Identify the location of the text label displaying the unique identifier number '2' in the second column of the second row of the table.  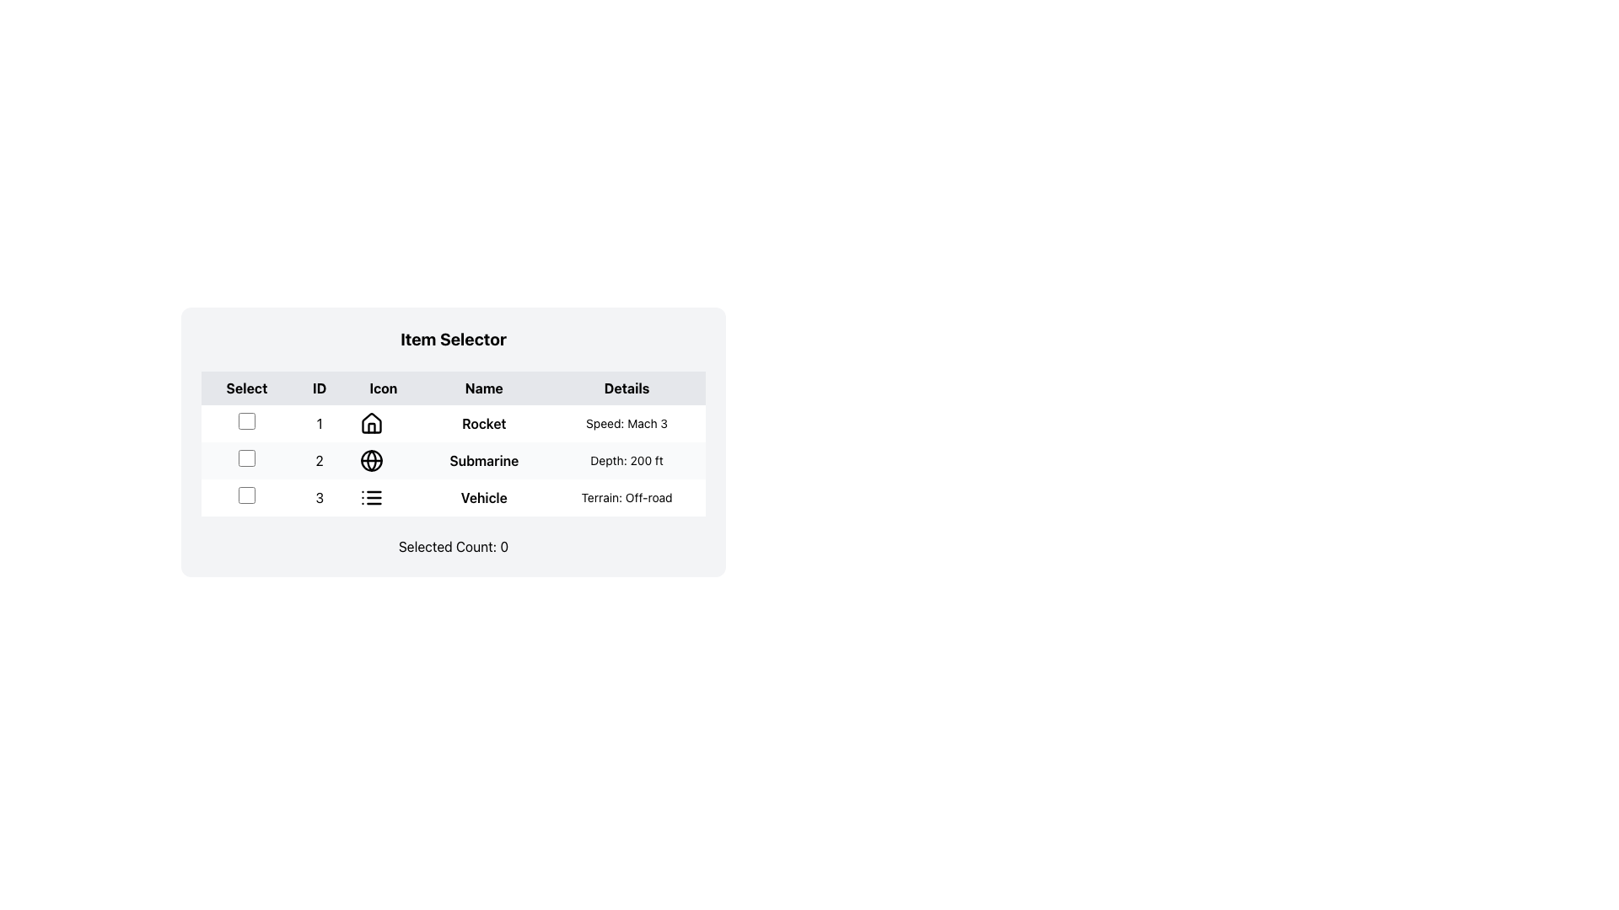
(320, 461).